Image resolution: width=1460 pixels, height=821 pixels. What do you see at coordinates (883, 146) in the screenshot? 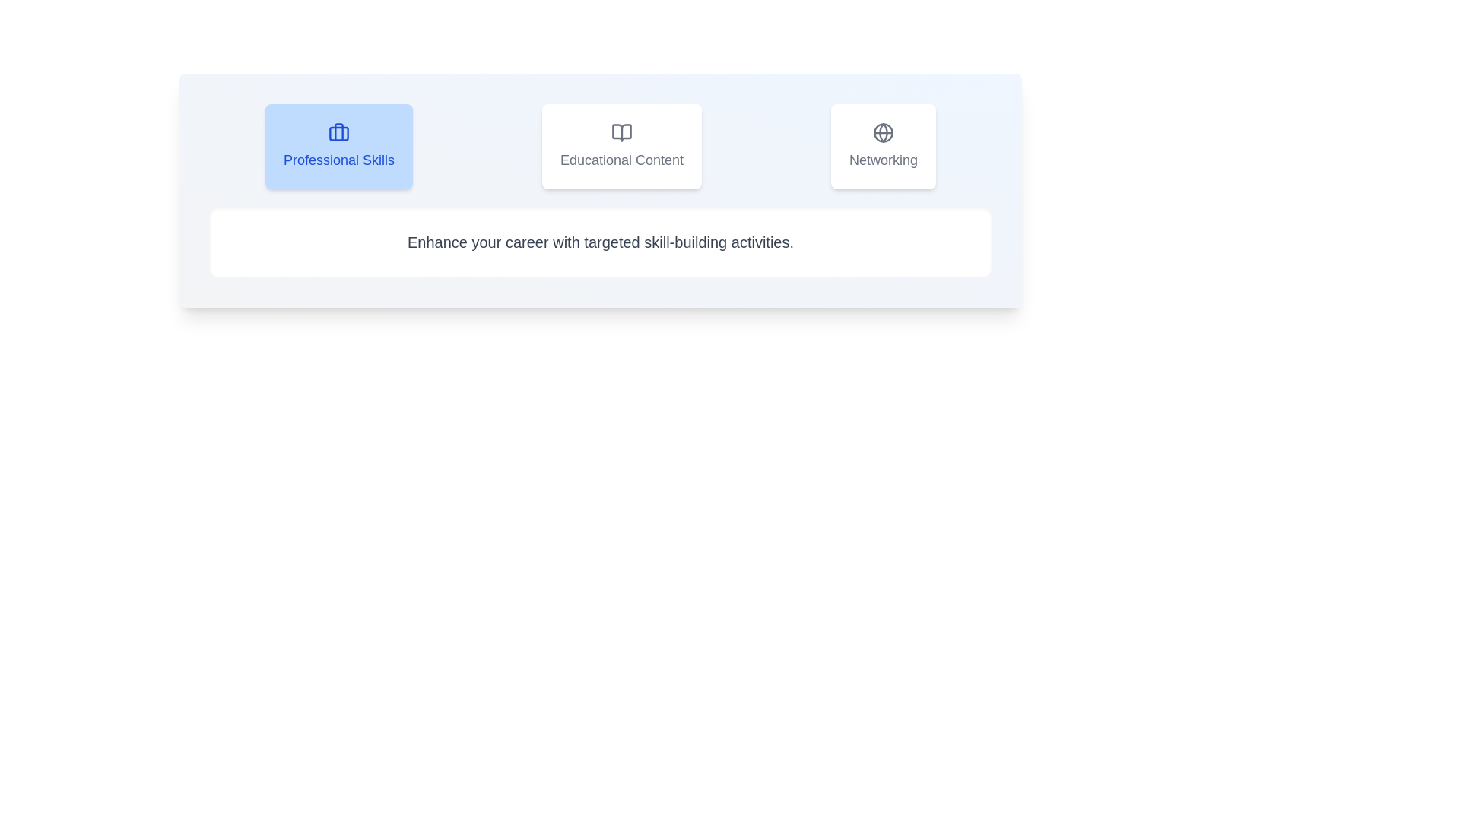
I see `the tab labeled Networking` at bounding box center [883, 146].